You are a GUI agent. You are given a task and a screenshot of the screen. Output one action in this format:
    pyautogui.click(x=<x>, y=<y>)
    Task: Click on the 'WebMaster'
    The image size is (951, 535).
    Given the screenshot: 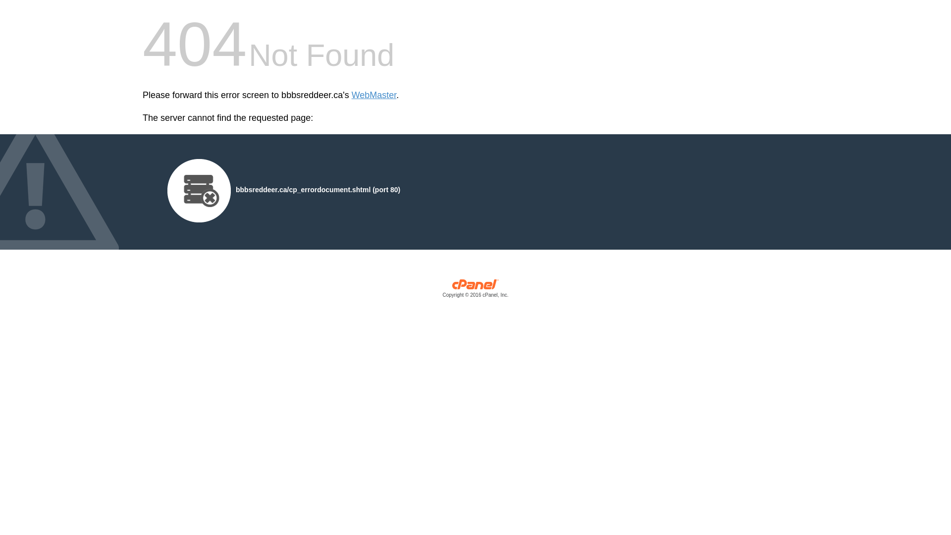 What is the action you would take?
    pyautogui.click(x=373, y=95)
    